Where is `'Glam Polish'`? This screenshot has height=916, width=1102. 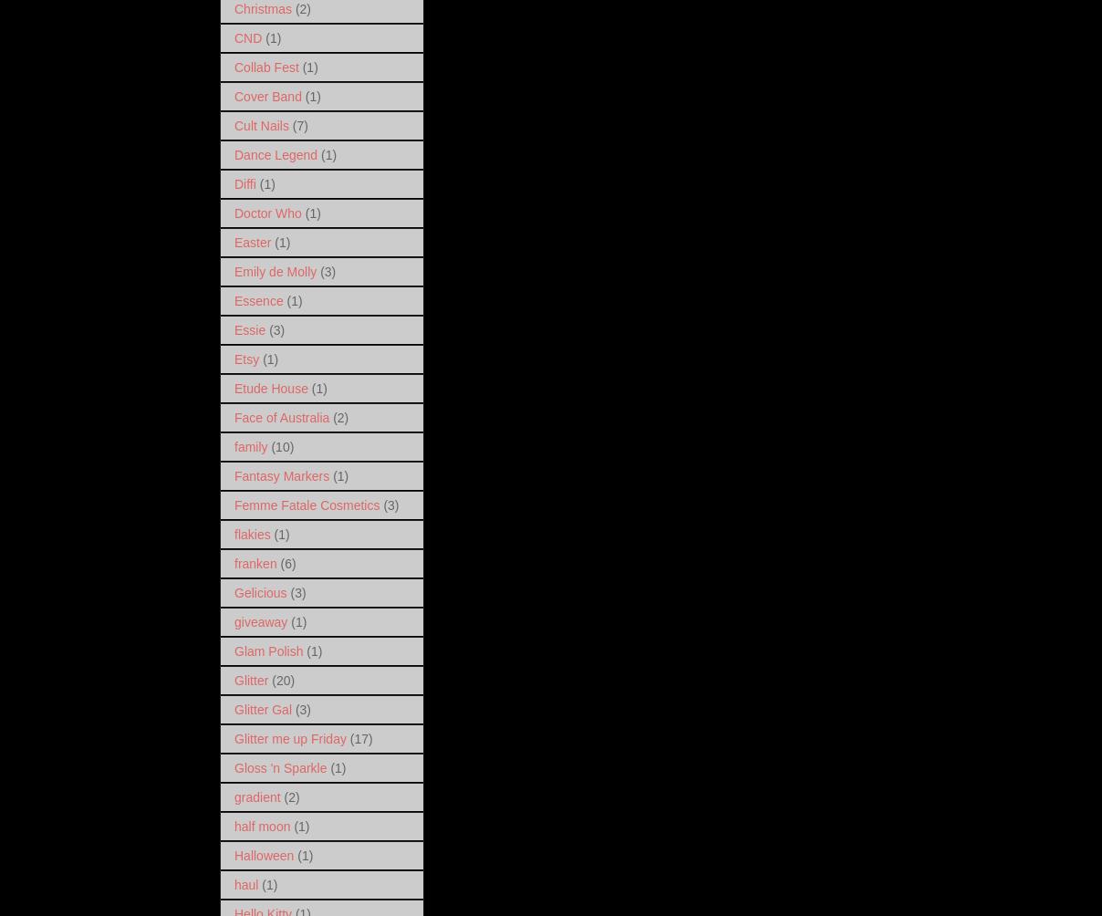 'Glam Polish' is located at coordinates (268, 650).